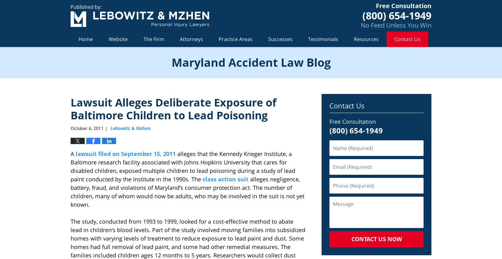 The width and height of the screenshot is (502, 259). What do you see at coordinates (153, 39) in the screenshot?
I see `'The Firm'` at bounding box center [153, 39].